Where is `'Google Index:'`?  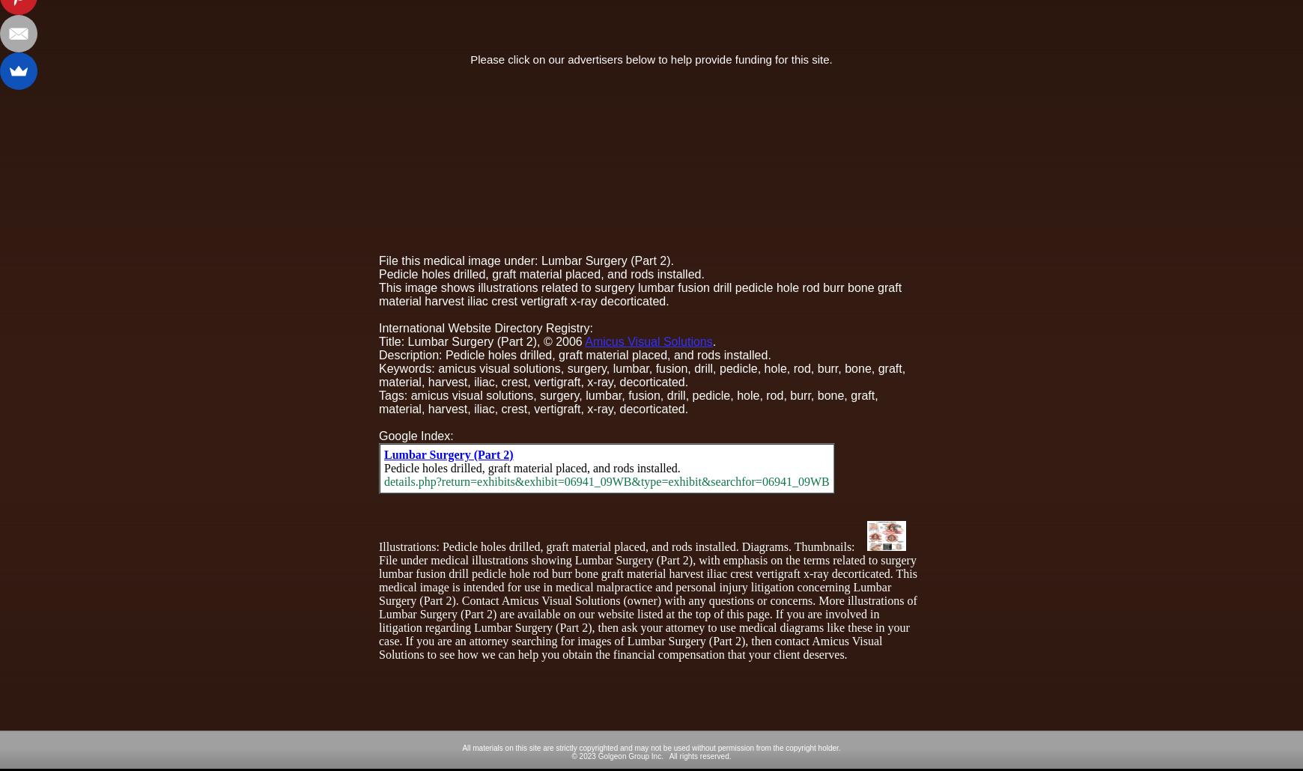
'Google Index:' is located at coordinates (415, 435).